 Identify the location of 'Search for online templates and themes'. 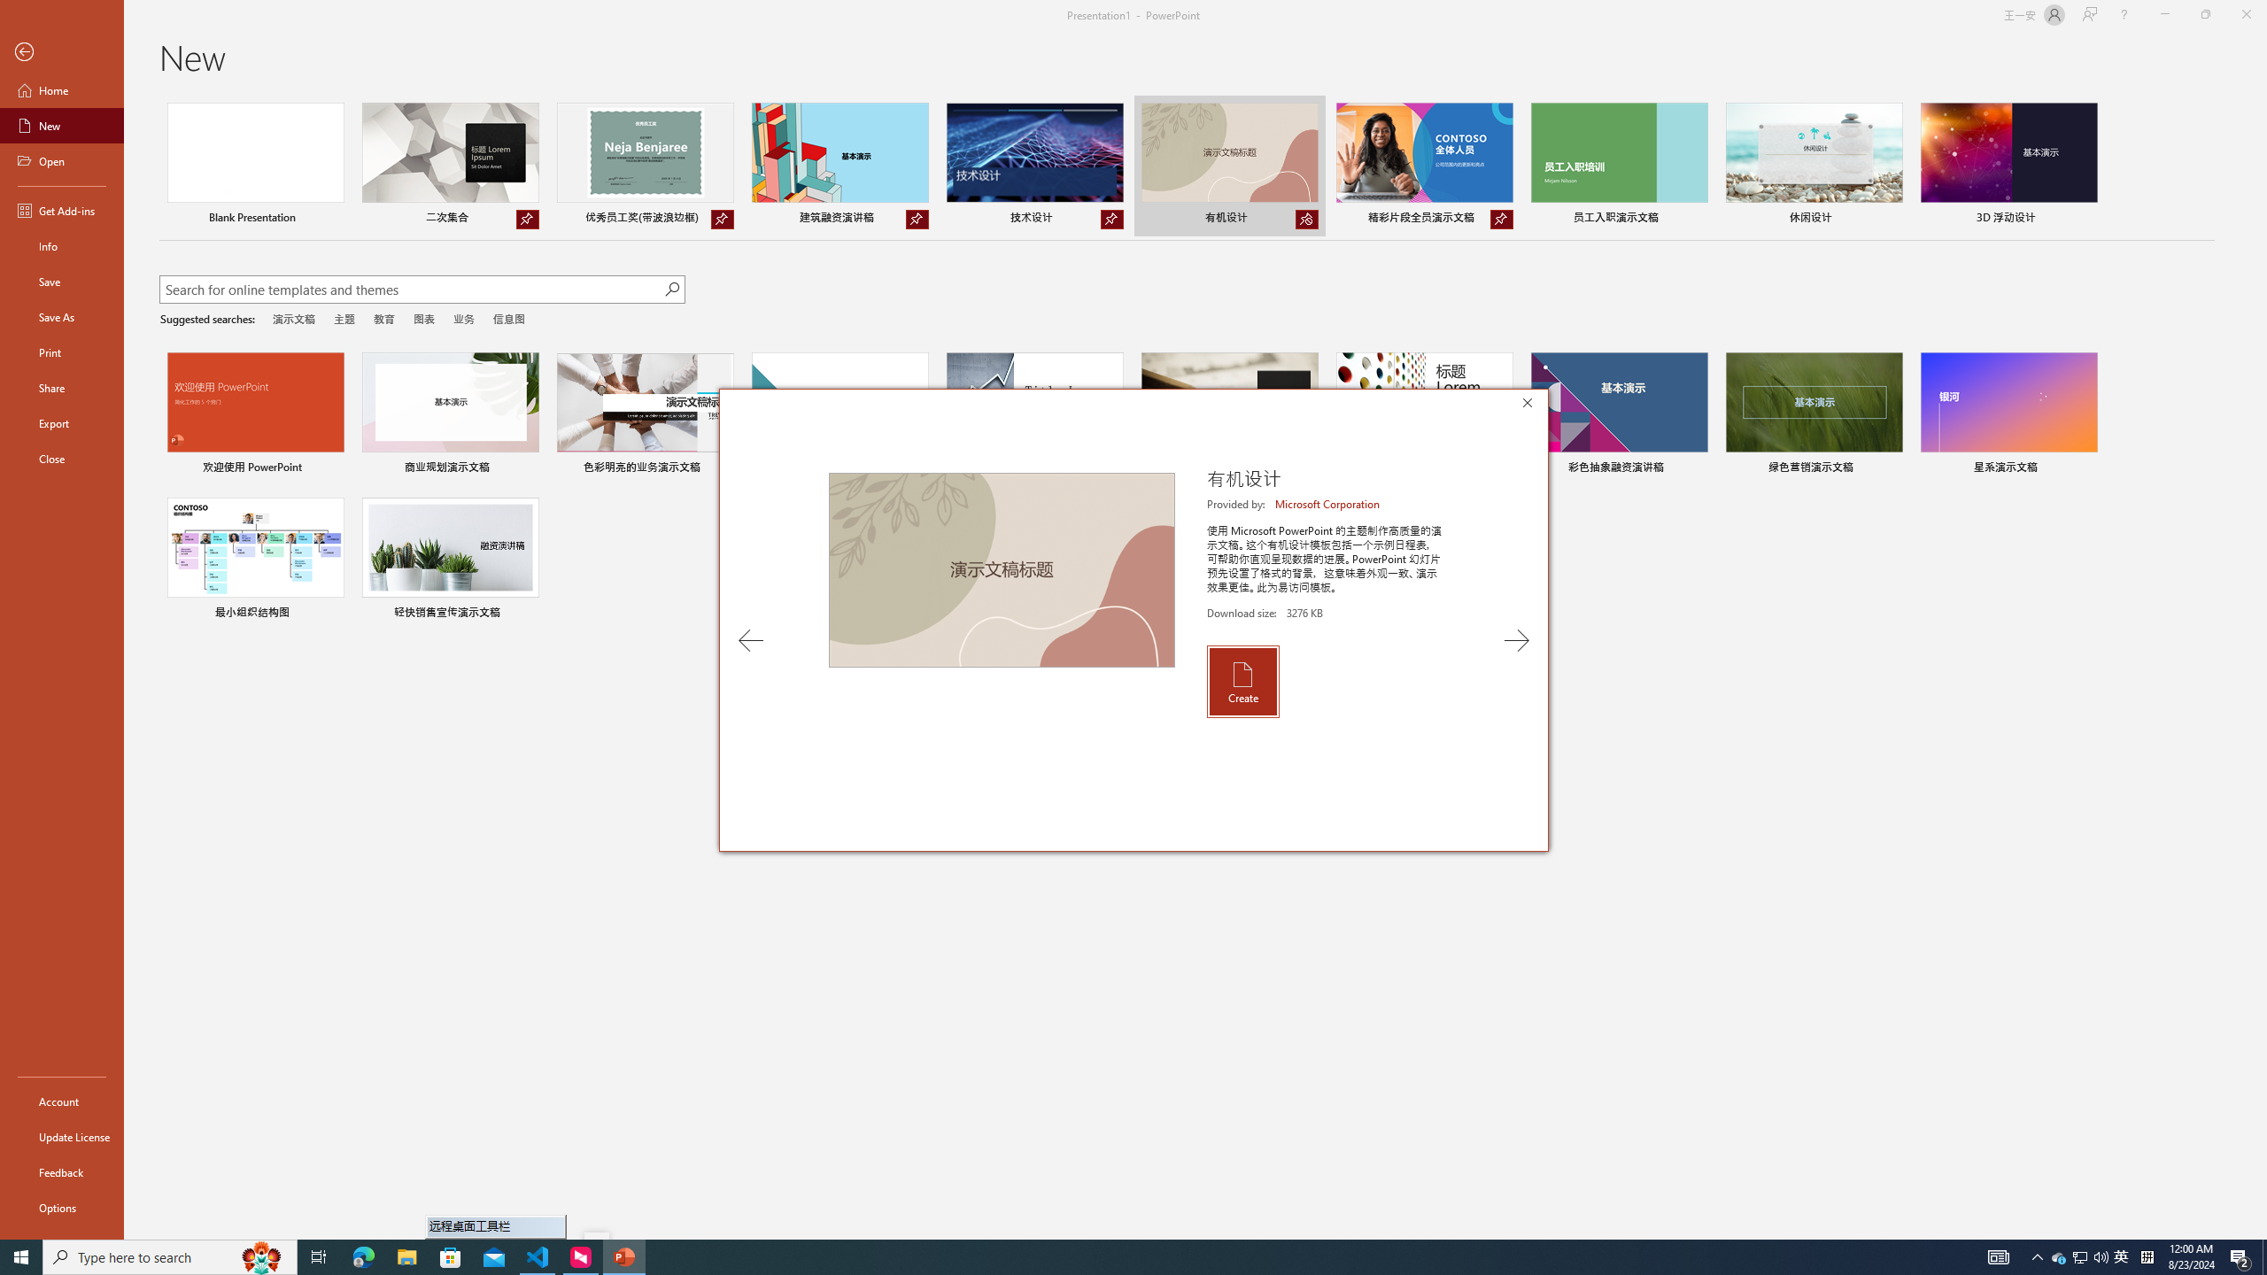
(411, 291).